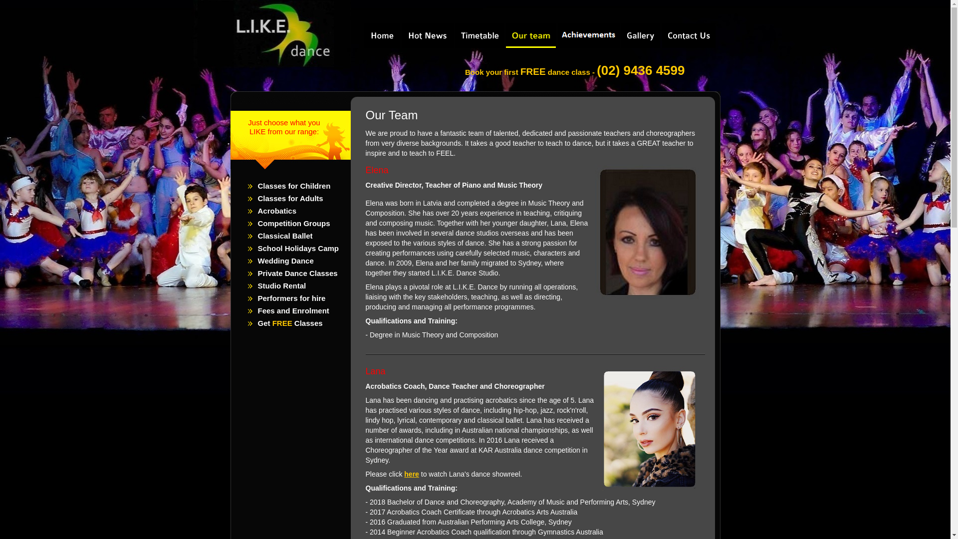 This screenshot has width=958, height=539. I want to click on 'Studio Rental', so click(281, 285).